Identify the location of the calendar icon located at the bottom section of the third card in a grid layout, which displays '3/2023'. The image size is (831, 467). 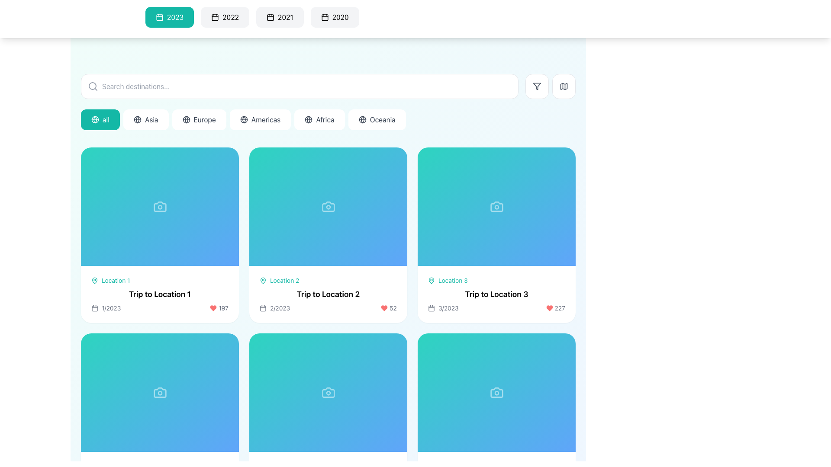
(432, 307).